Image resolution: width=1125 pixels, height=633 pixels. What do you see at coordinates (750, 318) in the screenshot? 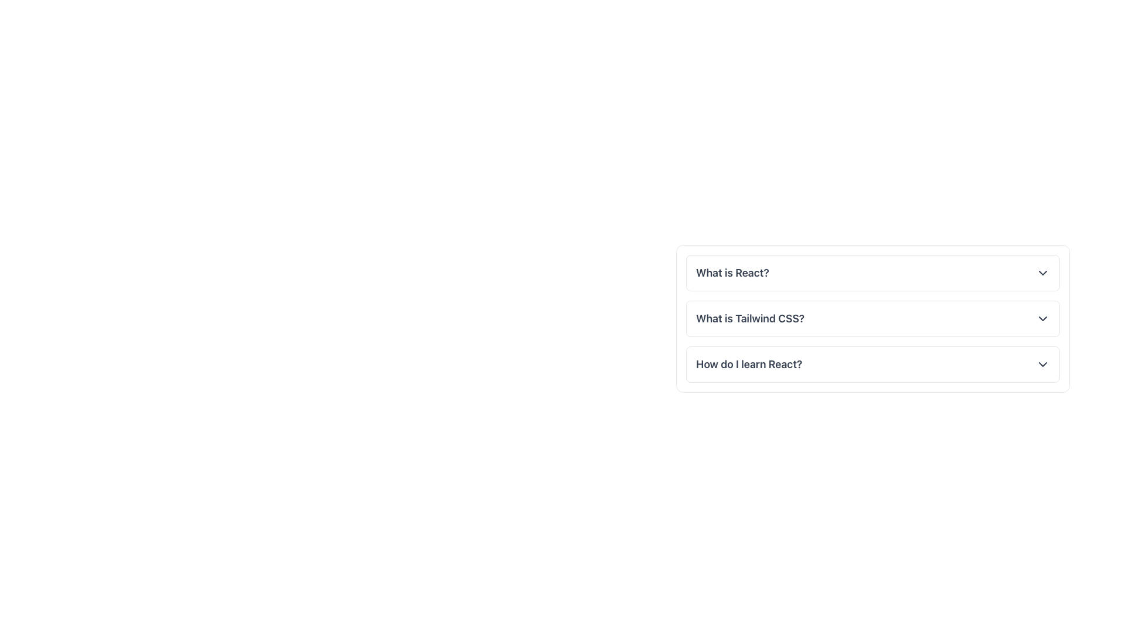
I see `the text label that serves as a title or question prompt located between 'What is React?' and 'How do I learn React?'` at bounding box center [750, 318].